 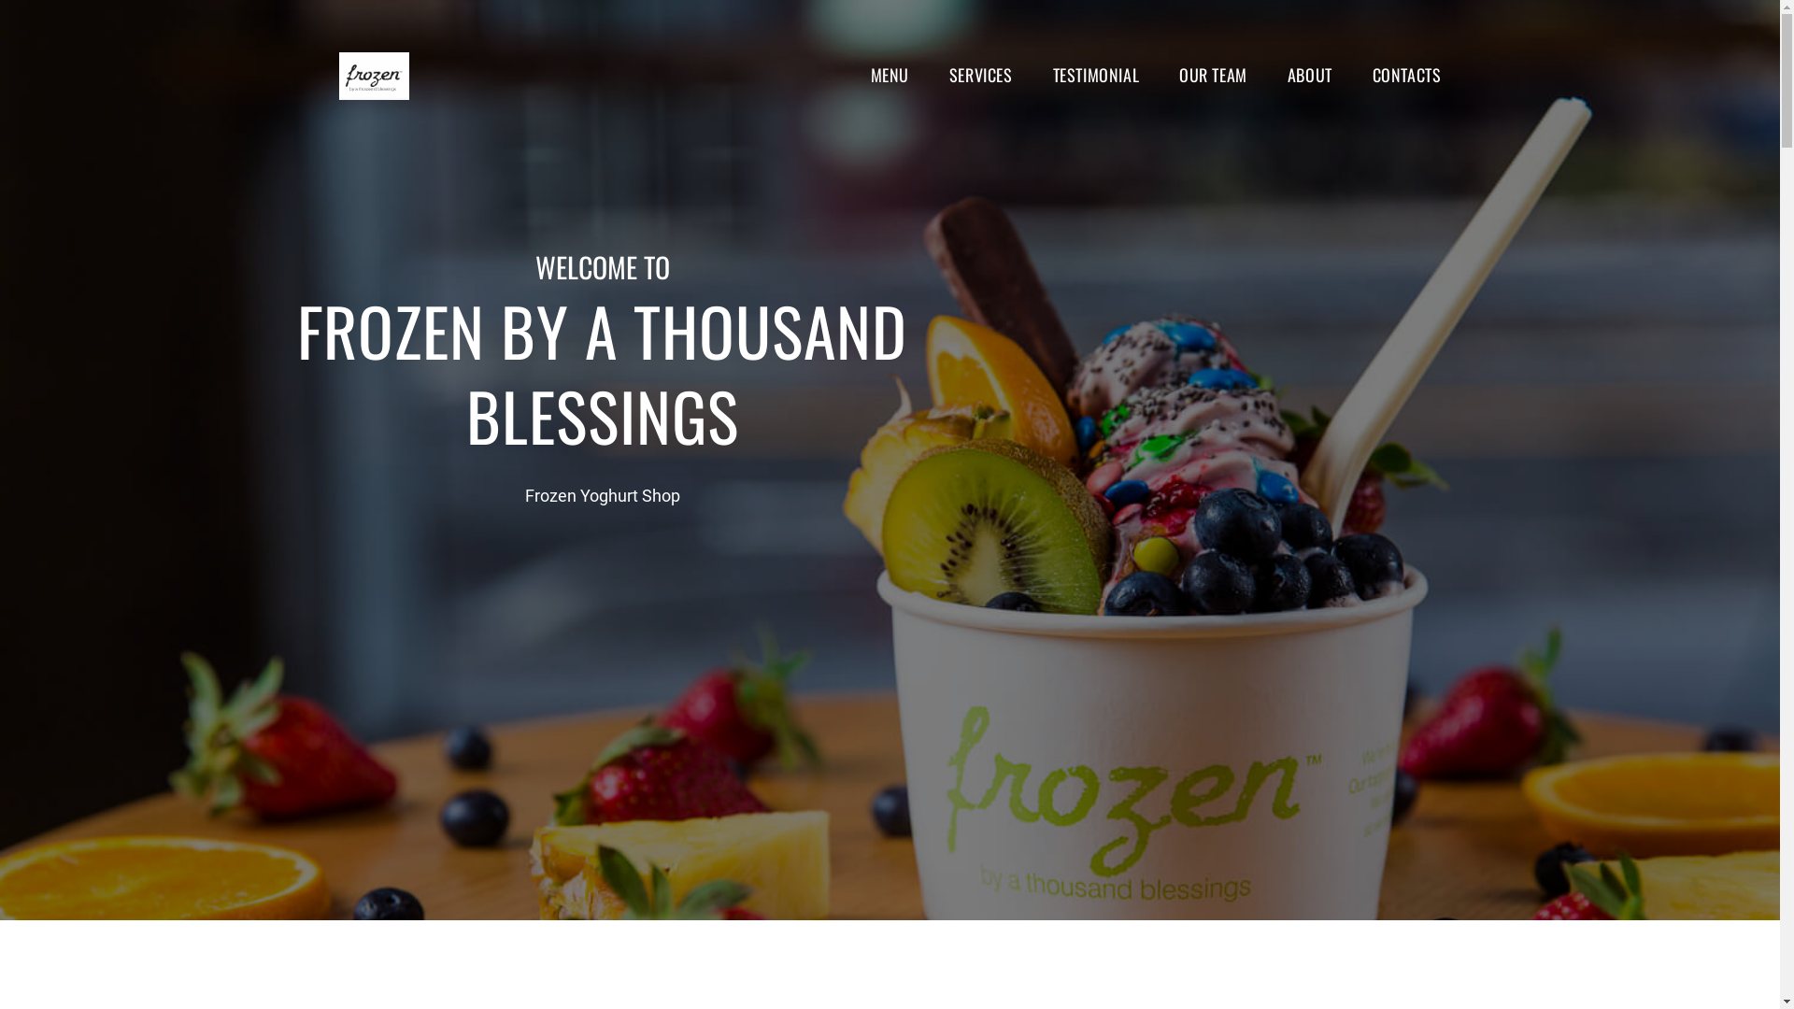 What do you see at coordinates (980, 74) in the screenshot?
I see `'SERVICES'` at bounding box center [980, 74].